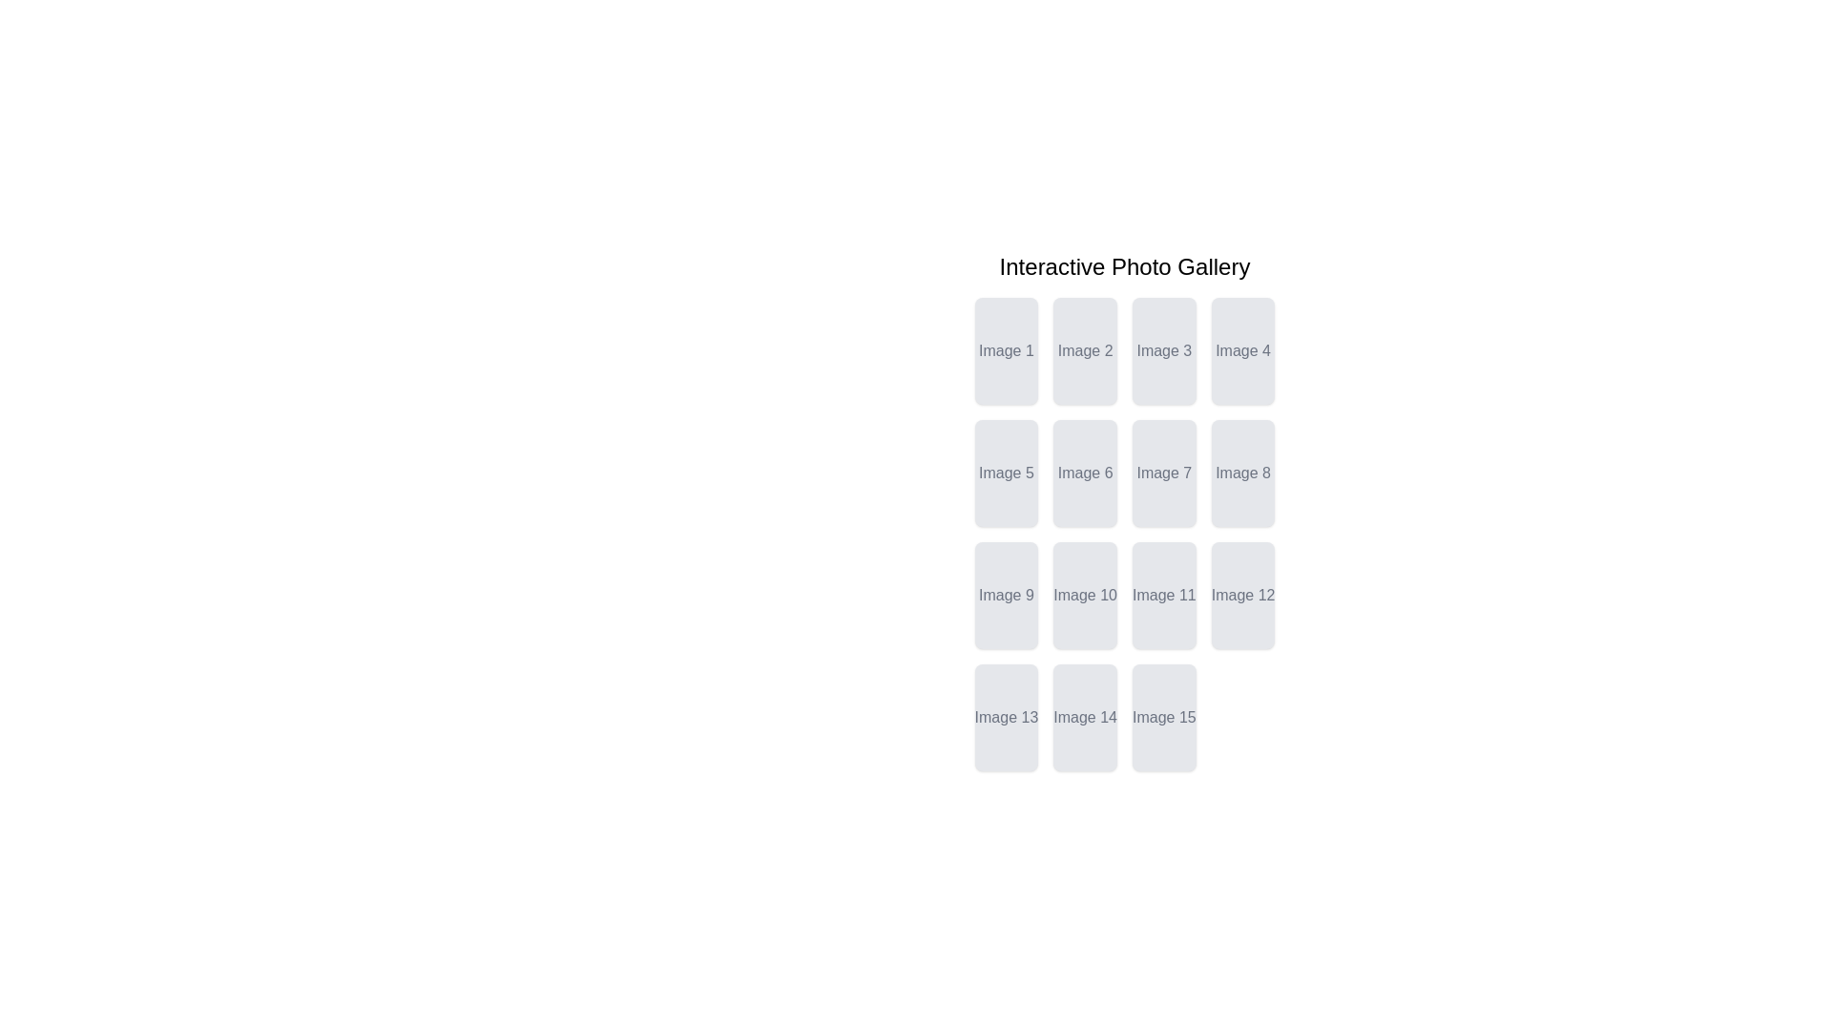  Describe the element at coordinates (1005, 488) in the screenshot. I see `the floating overlay at the bottom of the card titled 'Image 5', which displays '0 Comment' with a dark semi-transparent background and white text` at that location.